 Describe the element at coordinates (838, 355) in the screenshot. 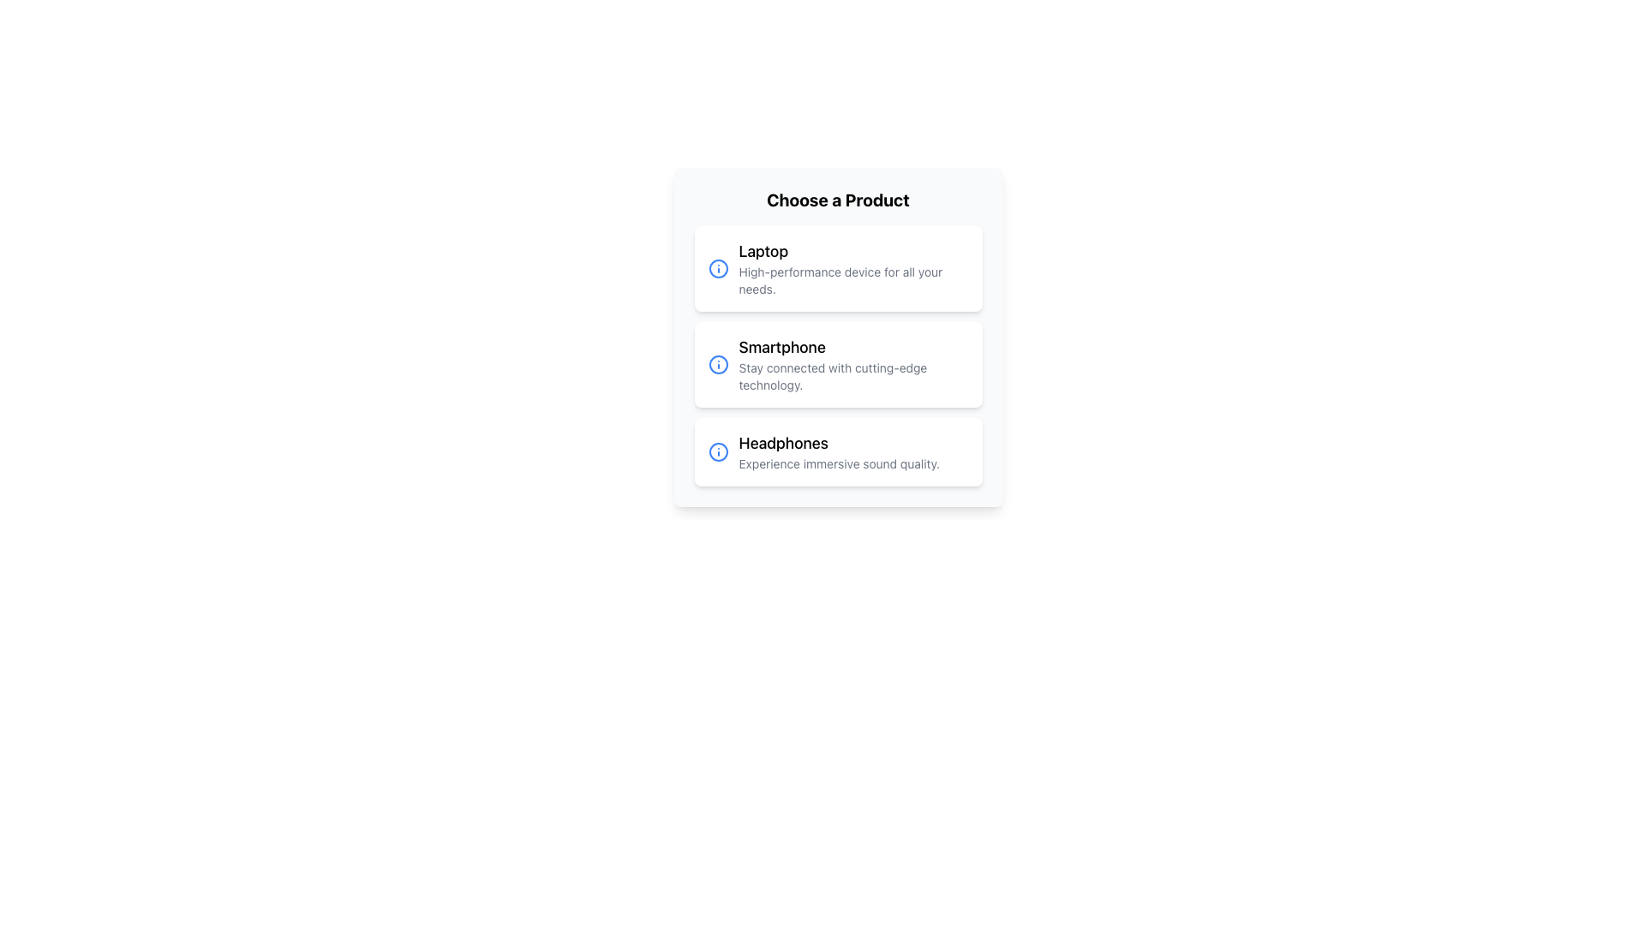

I see `the 'Smartphone' selection card in the product list to navigate via keyboard` at that location.